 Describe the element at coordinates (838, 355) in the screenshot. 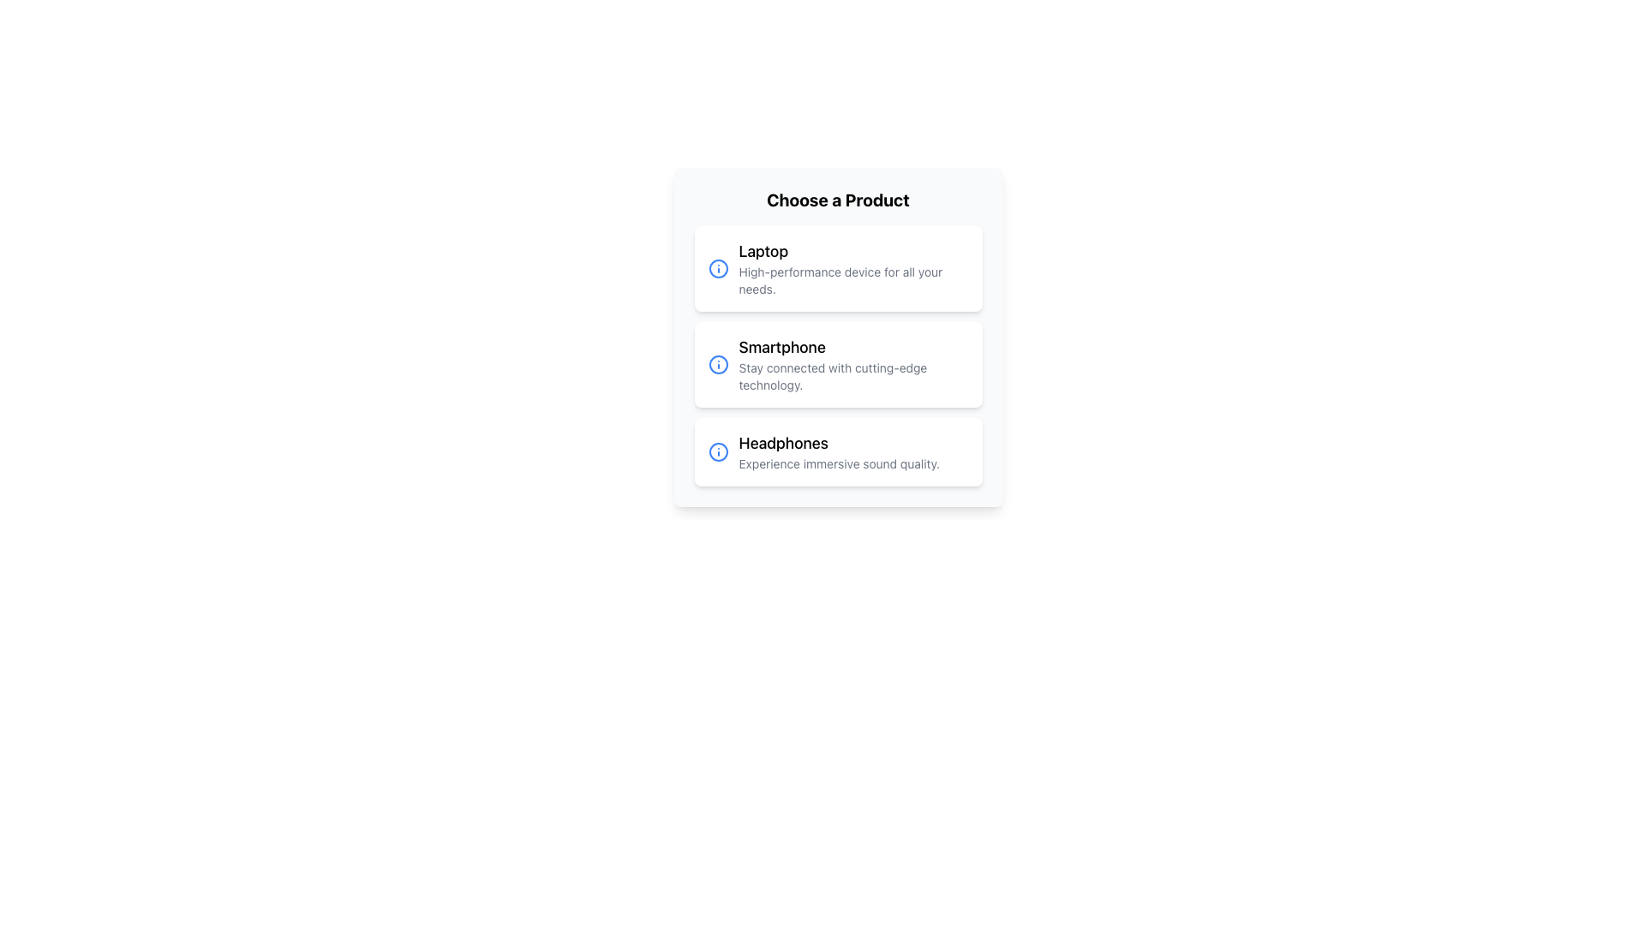

I see `the 'Smartphone' selection card in the product list to navigate via keyboard` at that location.